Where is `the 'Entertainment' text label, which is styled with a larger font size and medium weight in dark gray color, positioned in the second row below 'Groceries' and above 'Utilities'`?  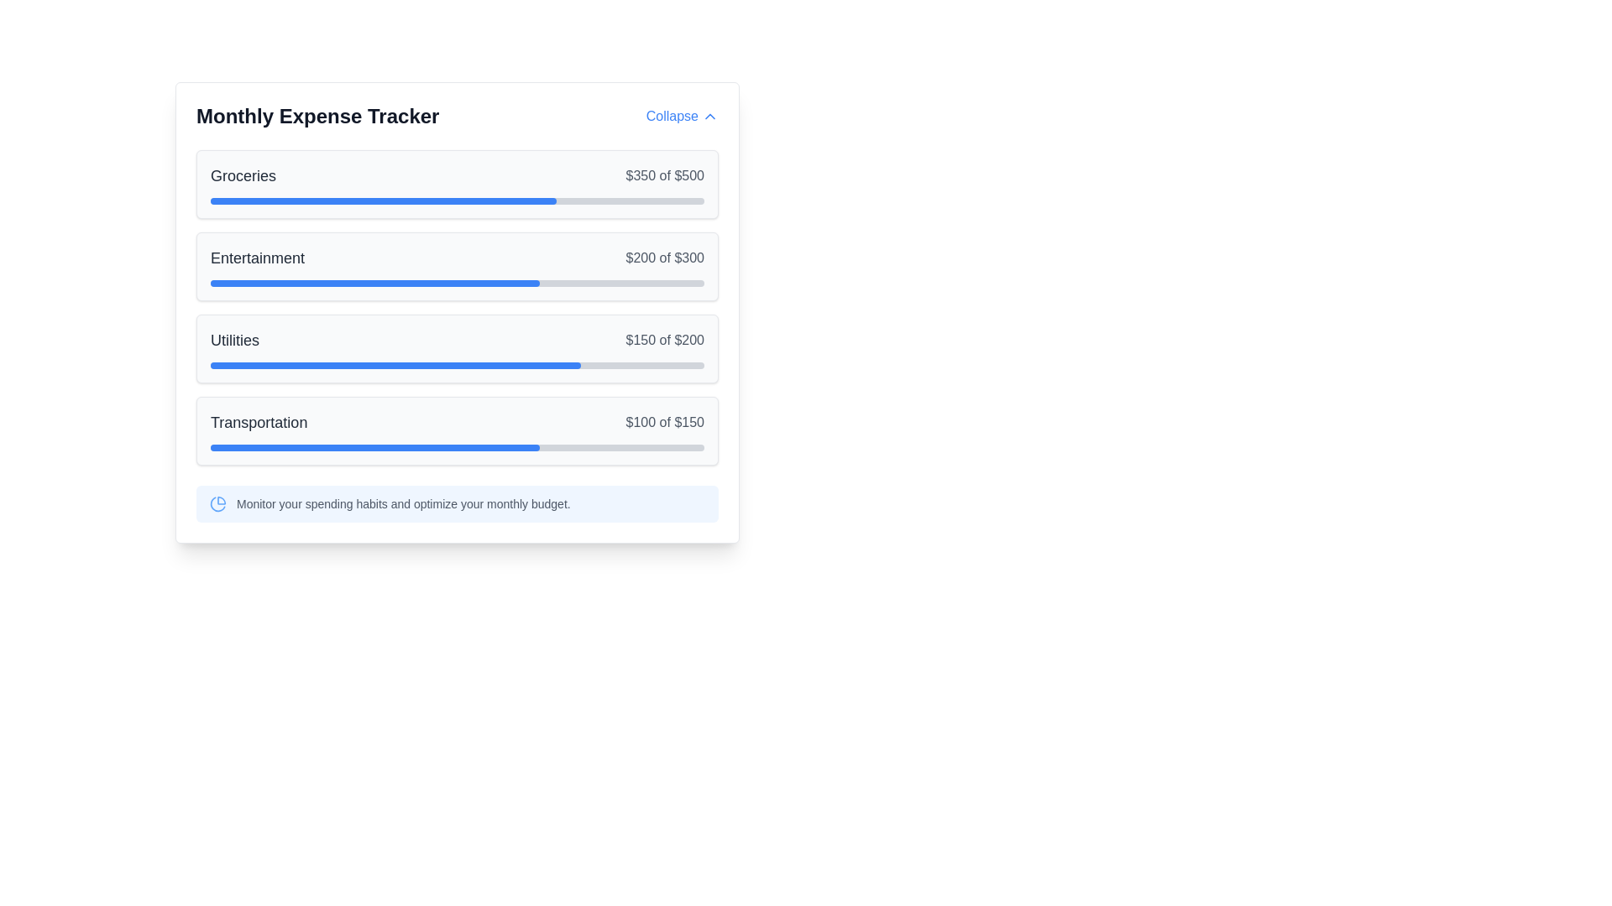
the 'Entertainment' text label, which is styled with a larger font size and medium weight in dark gray color, positioned in the second row below 'Groceries' and above 'Utilities' is located at coordinates (257, 258).